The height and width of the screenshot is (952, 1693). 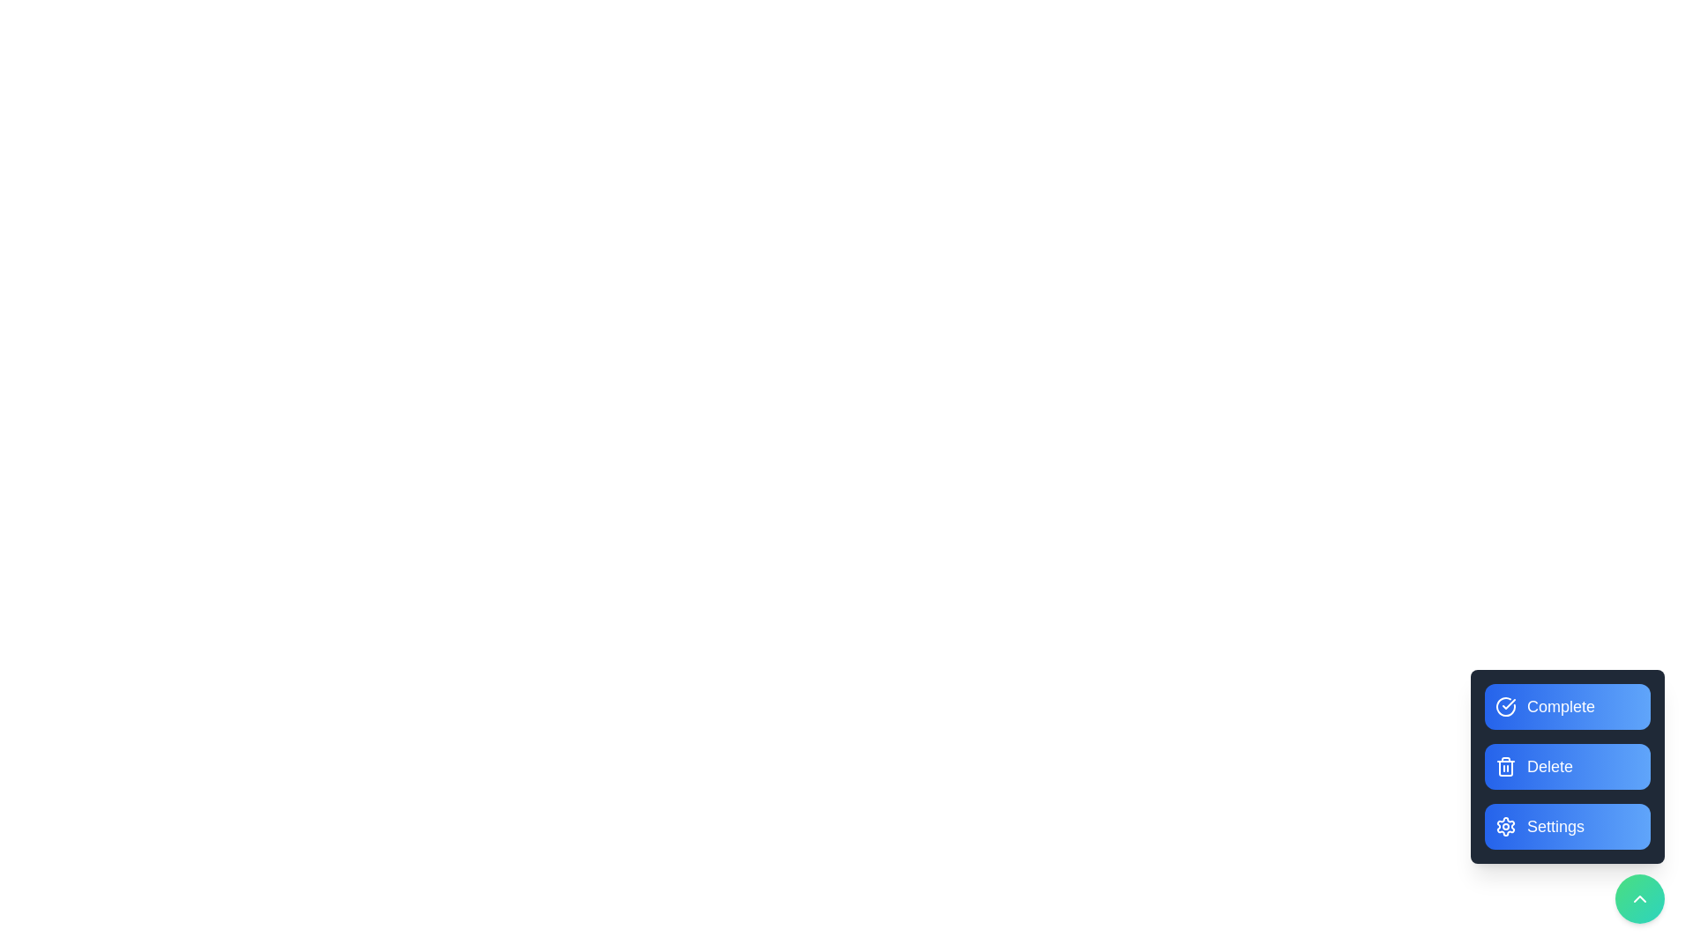 I want to click on the 'Complete' button to mark a task as complete, so click(x=1567, y=706).